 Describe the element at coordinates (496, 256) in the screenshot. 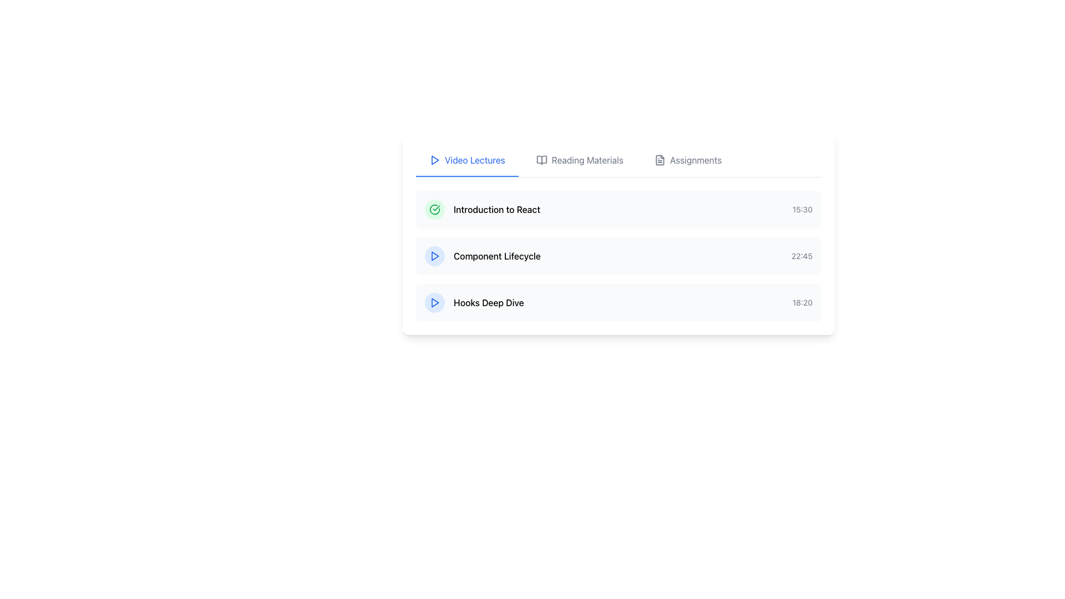

I see `the text label 'Component Lifecycle', which is styled with medium-sized font weight and located to the right of a small blue circular play icon, as the second item in a vertically arranged list` at that location.